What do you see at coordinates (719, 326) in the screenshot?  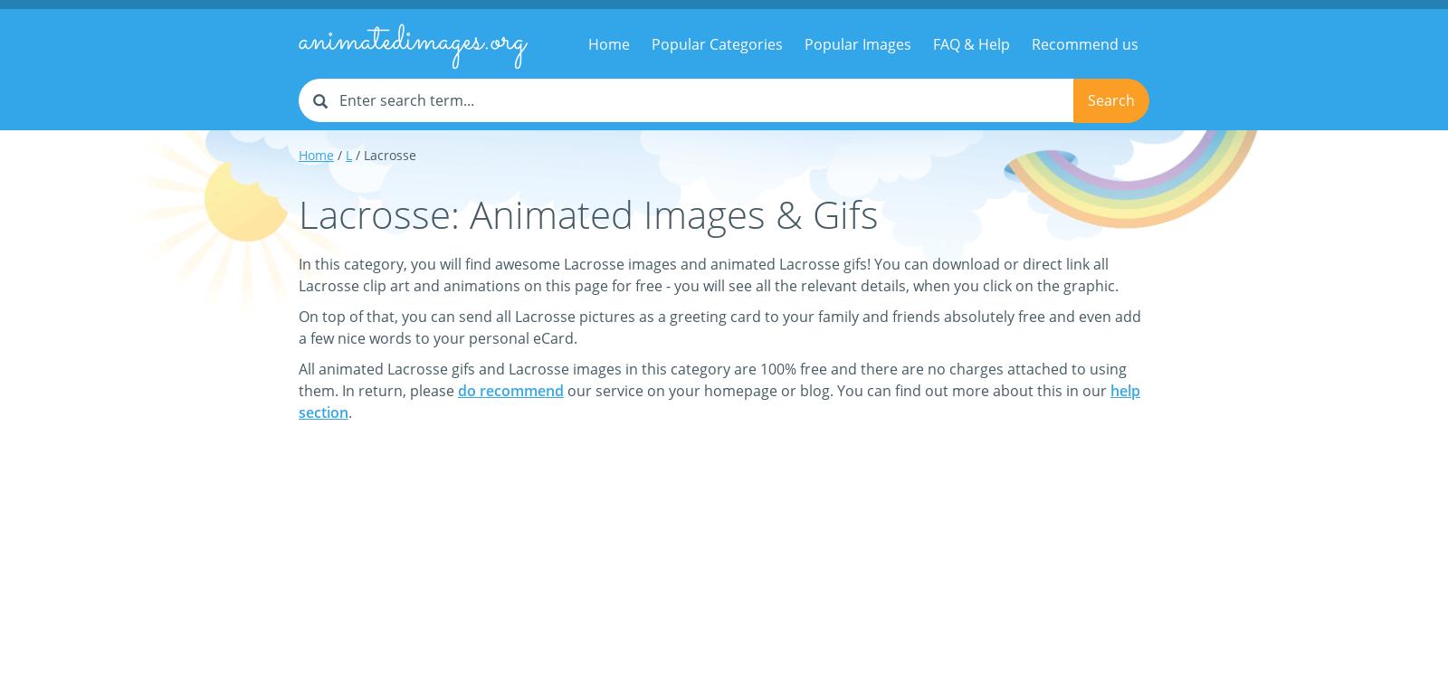 I see `'On top of that, you can send all Lacrosse pictures as a greeting card to your family and friends absolutely free and even add a few nice words to your personal eCard.'` at bounding box center [719, 326].